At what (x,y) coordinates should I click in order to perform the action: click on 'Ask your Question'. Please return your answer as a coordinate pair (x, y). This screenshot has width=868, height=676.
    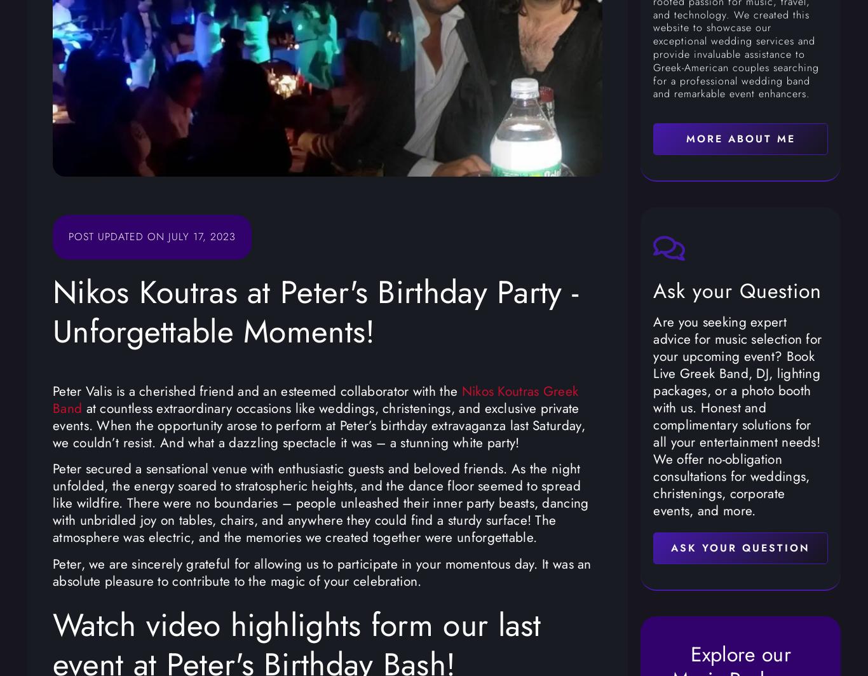
    Looking at the image, I should click on (737, 290).